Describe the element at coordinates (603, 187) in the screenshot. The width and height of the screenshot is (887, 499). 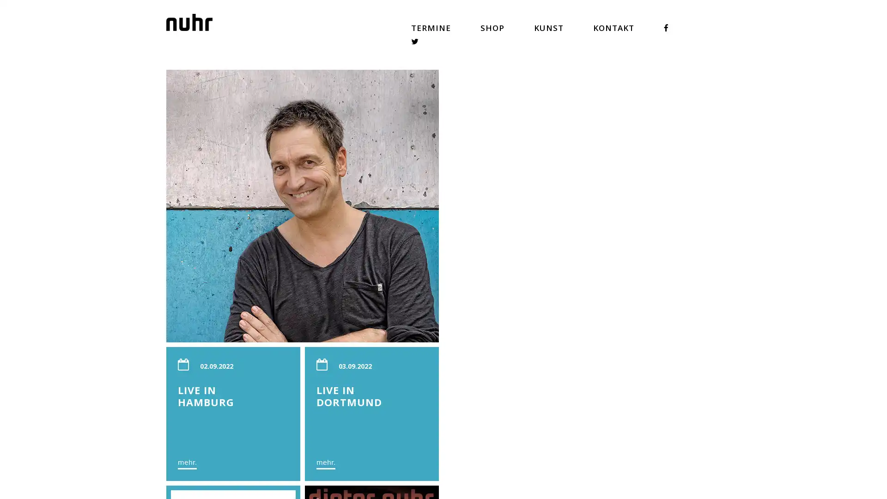
I see `mehr.` at that location.